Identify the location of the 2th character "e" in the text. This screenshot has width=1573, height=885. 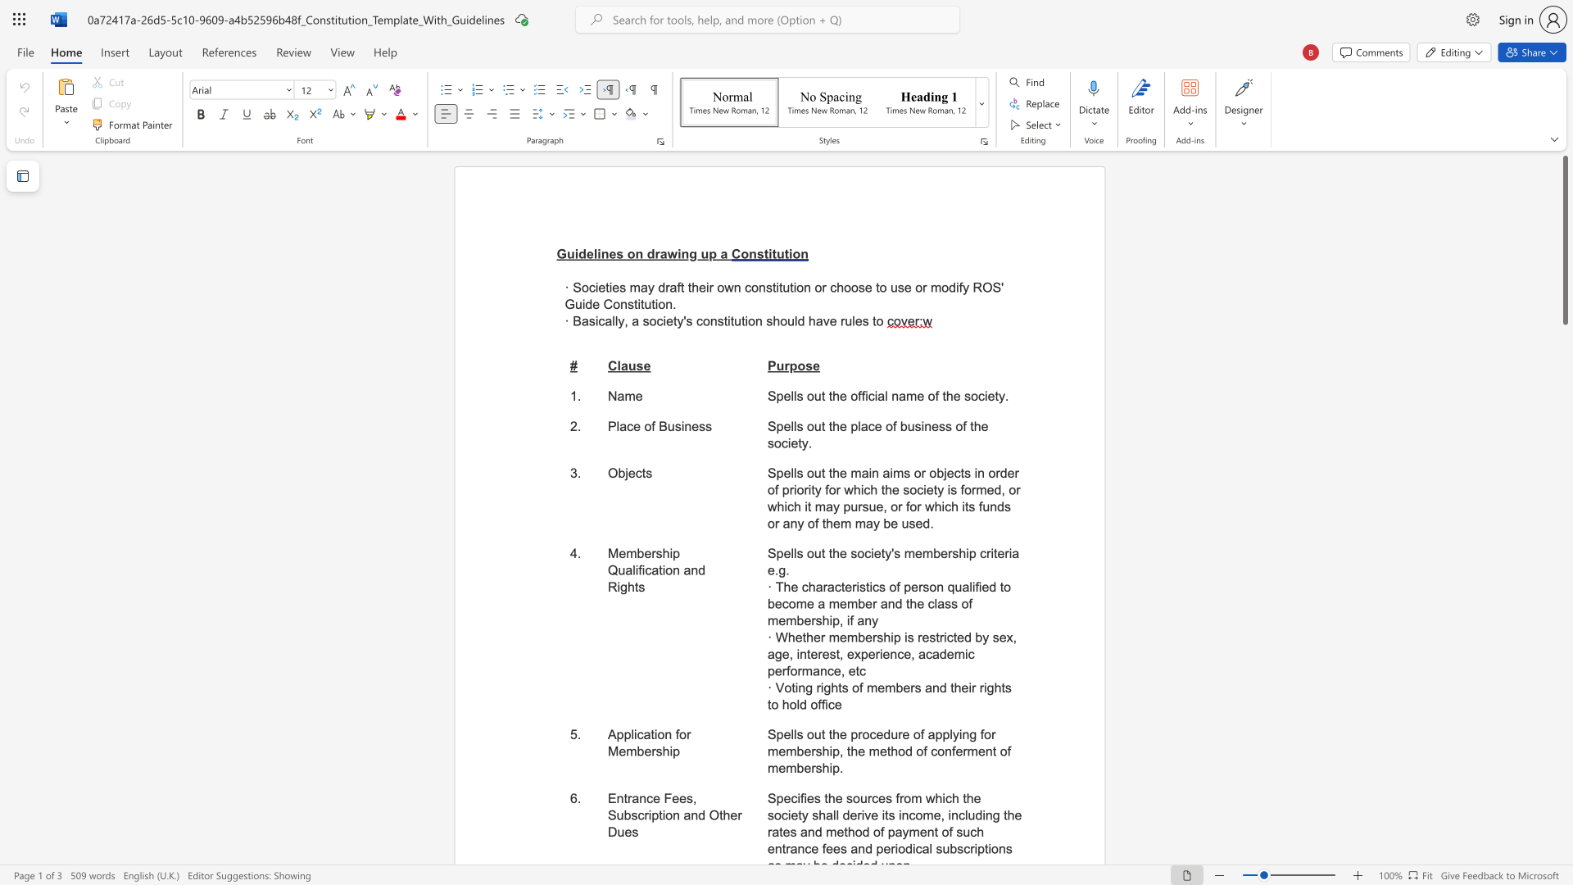
(695, 425).